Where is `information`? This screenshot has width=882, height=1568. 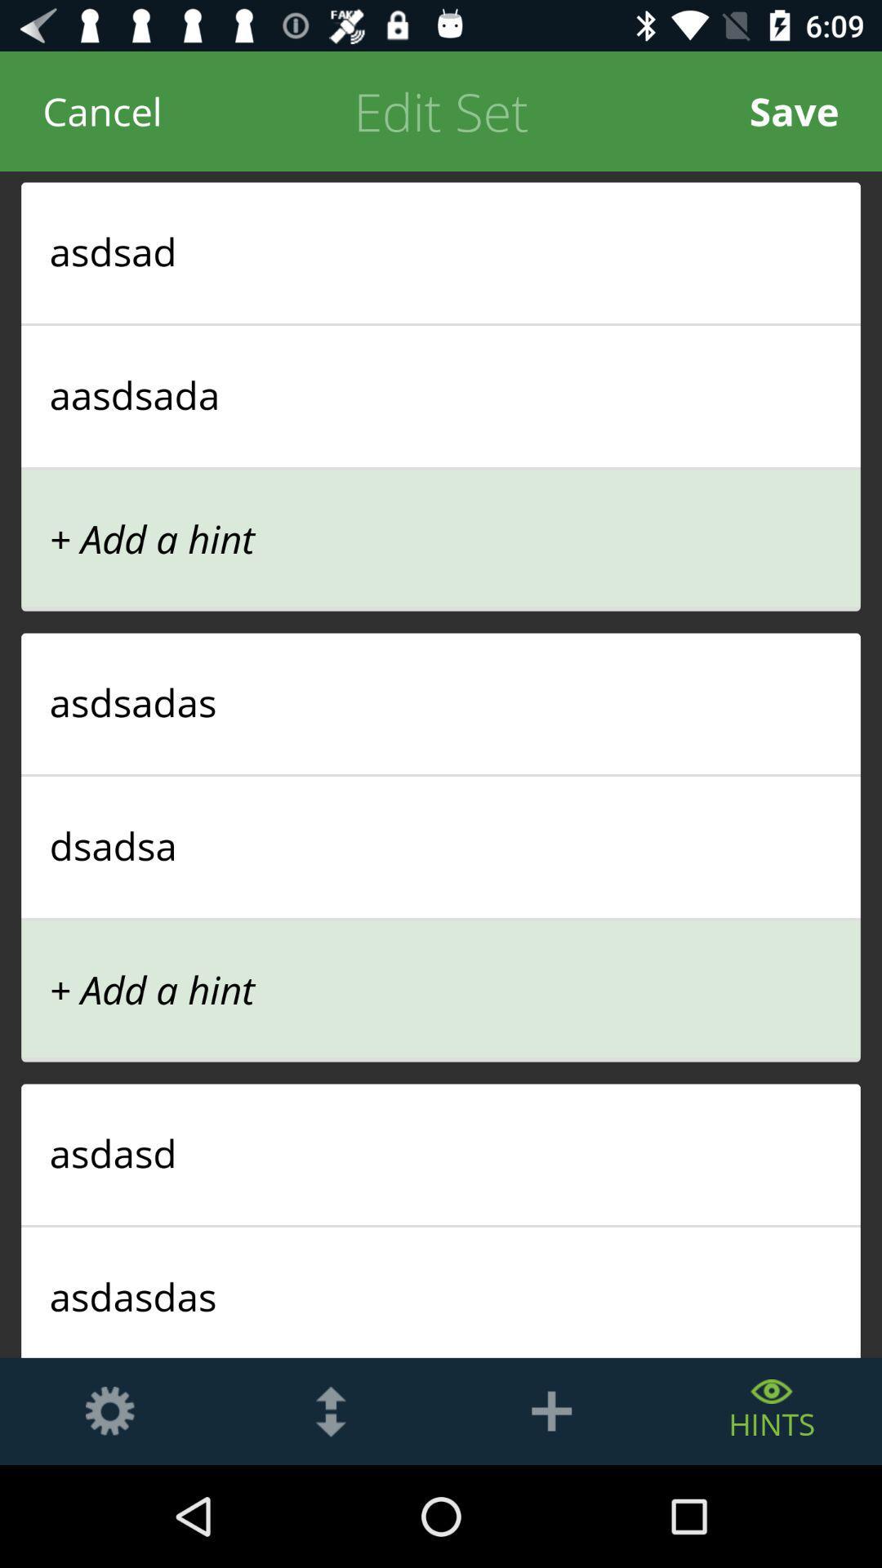 information is located at coordinates (551, 1410).